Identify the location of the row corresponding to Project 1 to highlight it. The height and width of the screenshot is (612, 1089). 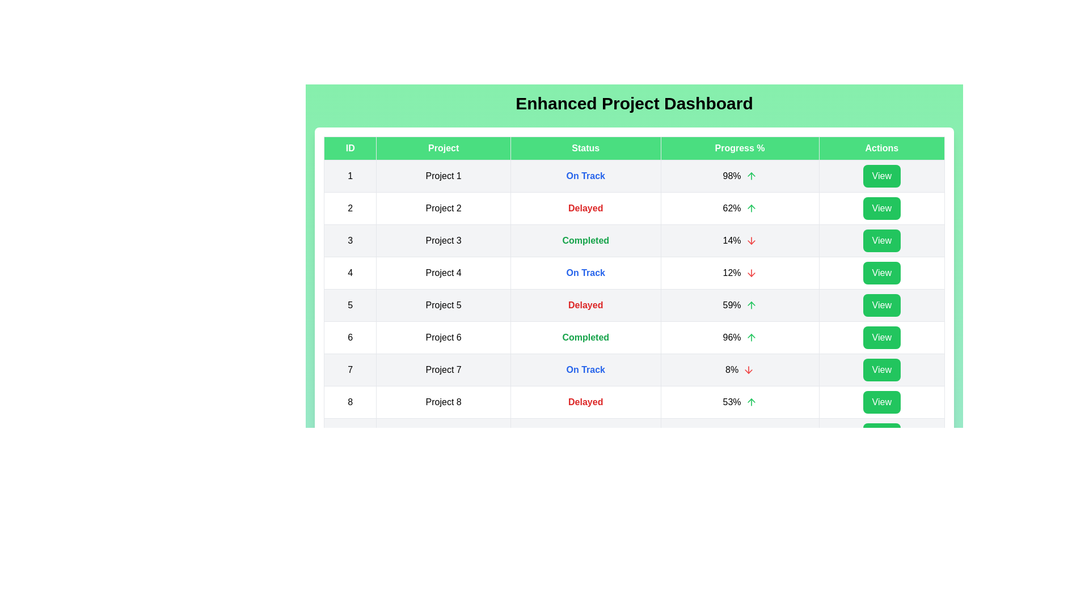
(634, 176).